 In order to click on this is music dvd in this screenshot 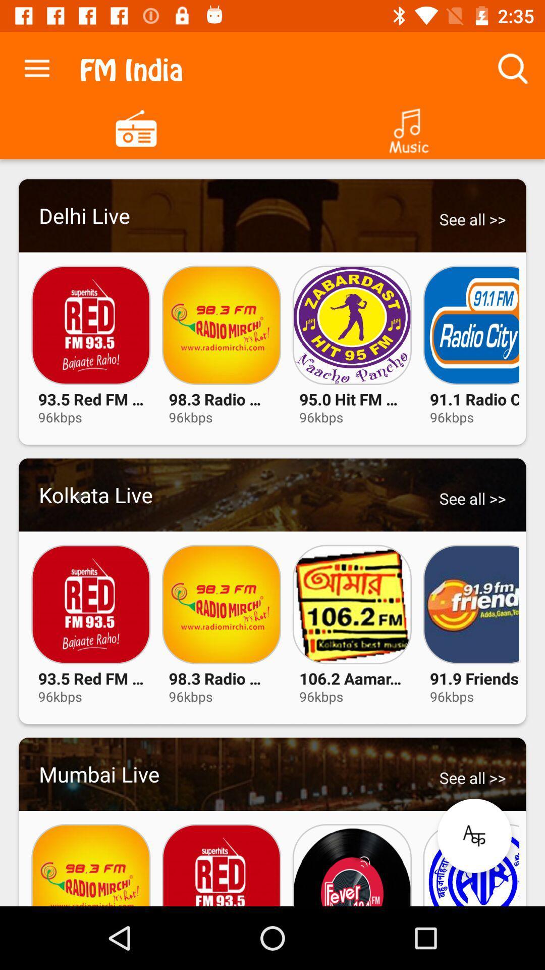, I will do `click(409, 127)`.